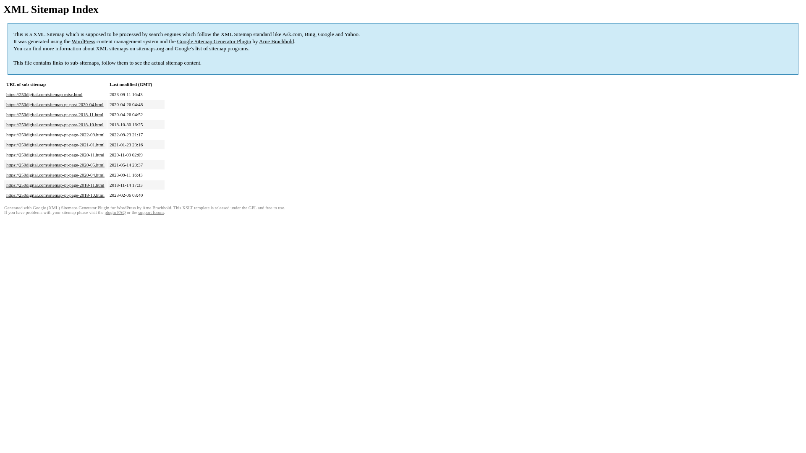  What do you see at coordinates (55, 134) in the screenshot?
I see `'https://250digital.com/sitemap-pt-page-2022-09.html'` at bounding box center [55, 134].